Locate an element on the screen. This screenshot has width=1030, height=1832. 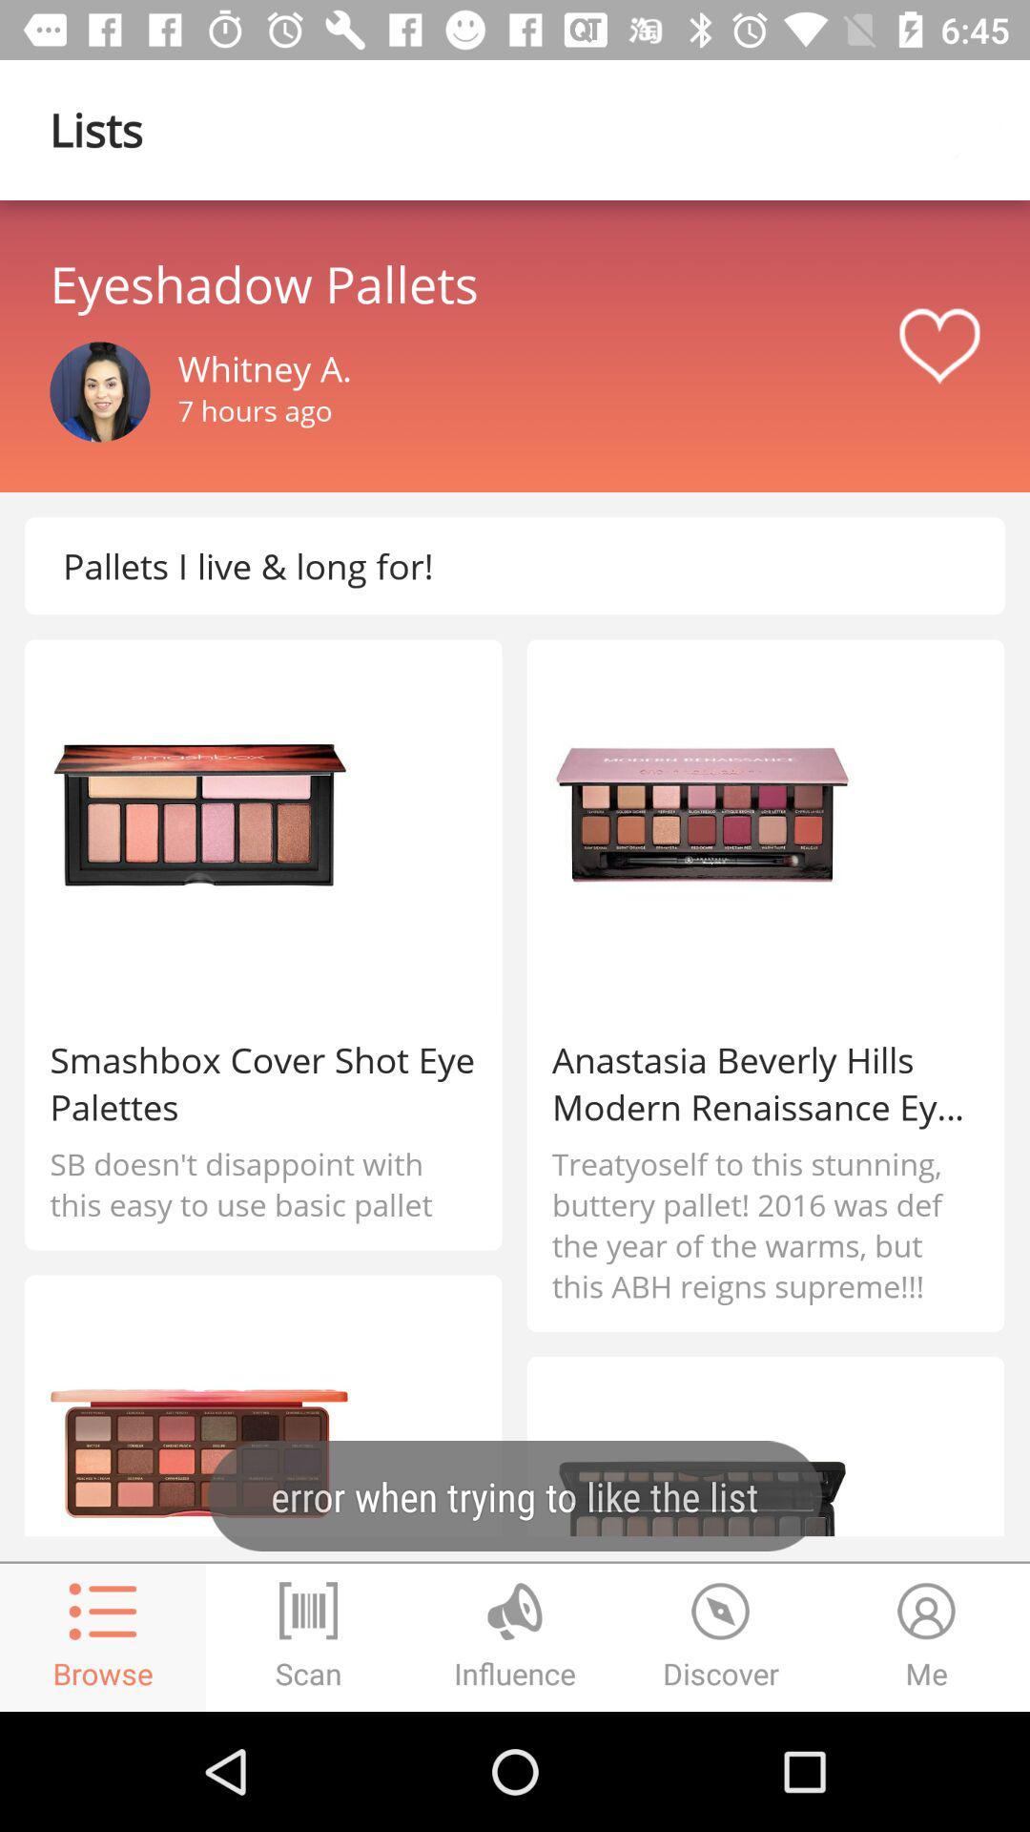
the time icon is located at coordinates (721, 1636).